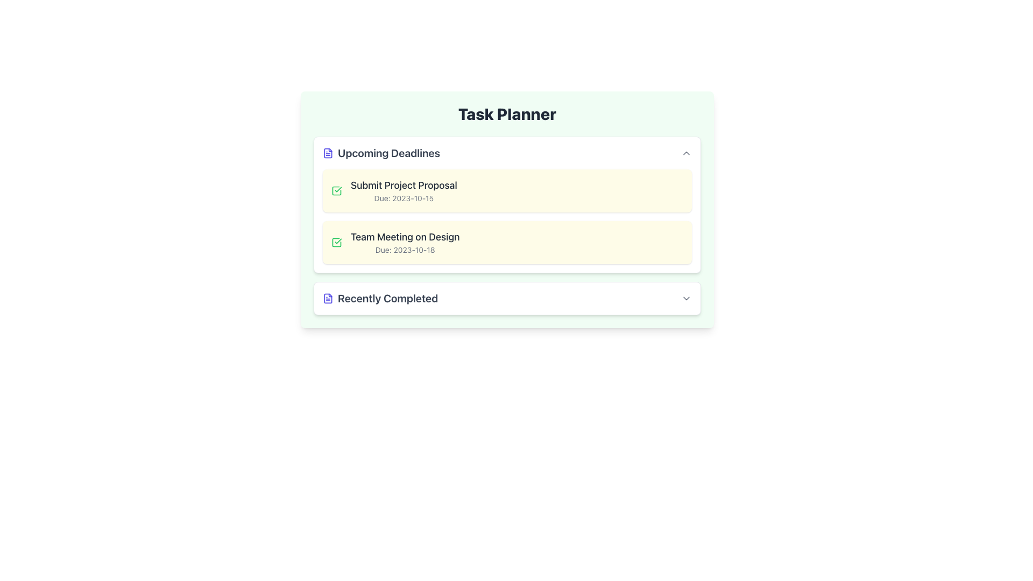  Describe the element at coordinates (405, 250) in the screenshot. I see `the text label displaying 'Due: 2023-10-18', which is styled in lighter gray and positioned below the title 'Team Meeting on Design' in the 'Upcoming Deadlines' section` at that location.